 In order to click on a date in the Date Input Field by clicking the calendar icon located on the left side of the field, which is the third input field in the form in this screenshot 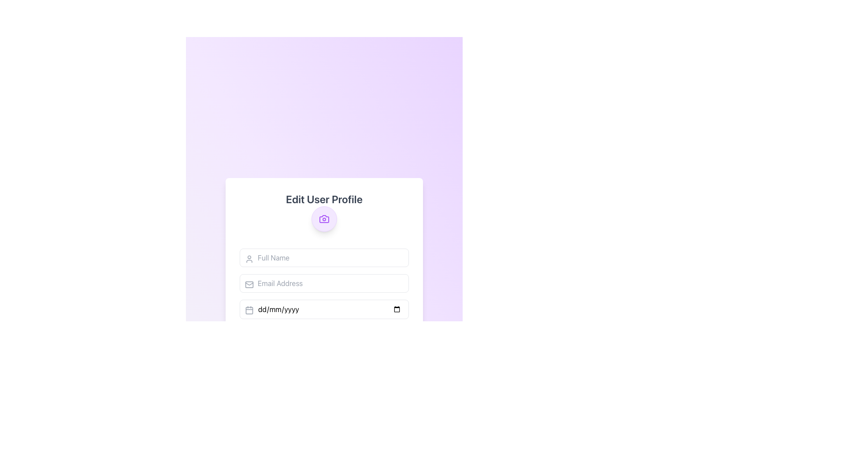, I will do `click(323, 309)`.